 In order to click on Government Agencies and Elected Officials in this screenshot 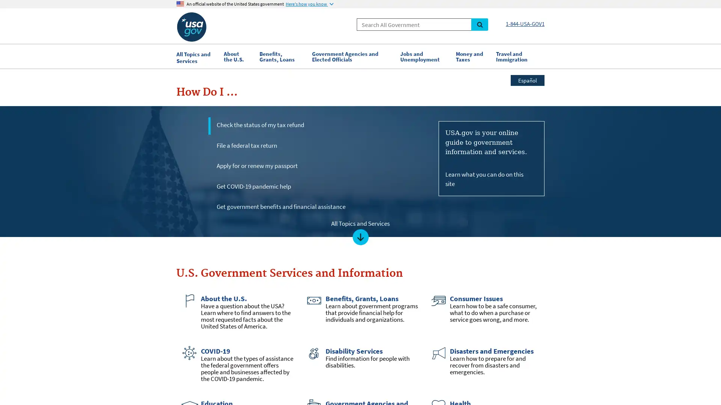, I will do `click(351, 56)`.